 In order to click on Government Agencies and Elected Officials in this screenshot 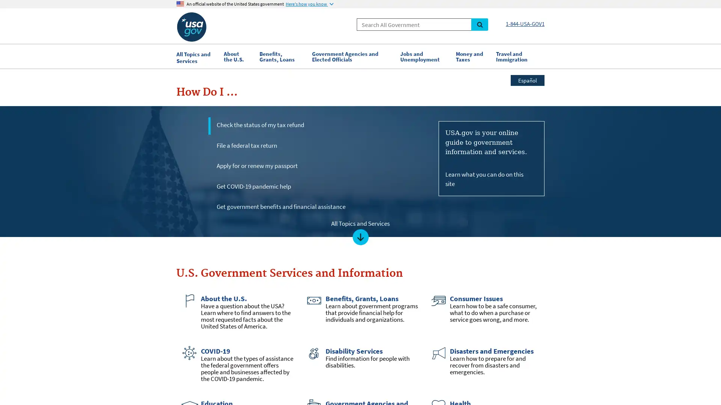, I will do `click(351, 56)`.